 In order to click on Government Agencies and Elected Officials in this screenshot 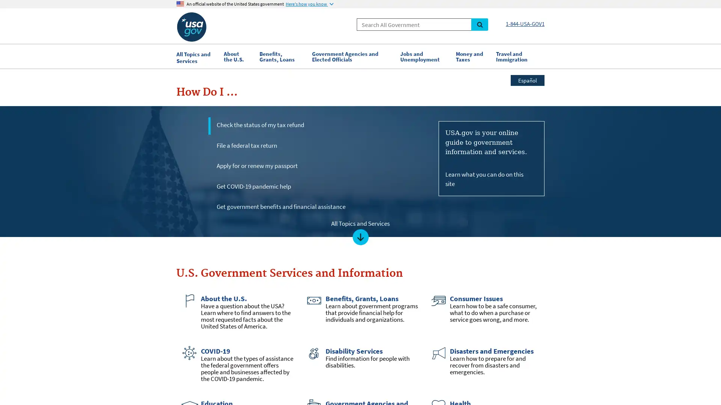, I will do `click(351, 56)`.